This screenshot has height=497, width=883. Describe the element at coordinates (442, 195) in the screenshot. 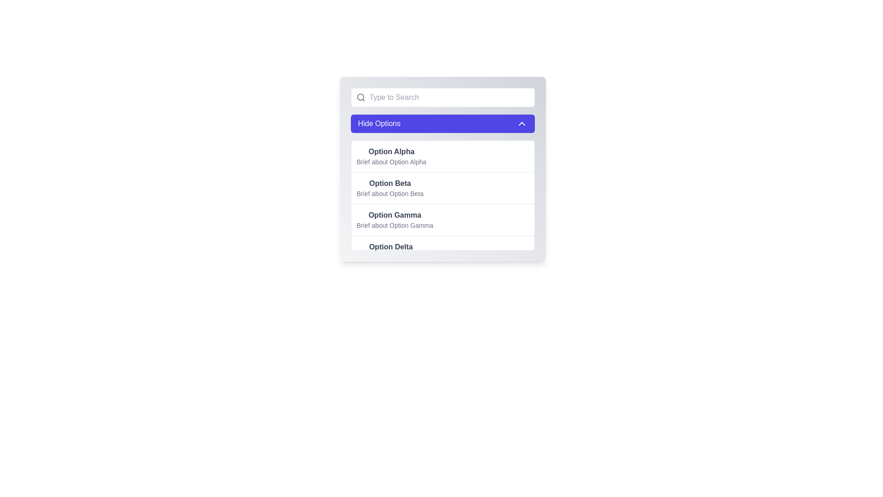

I see `the list item displaying 'Option Beta'` at that location.